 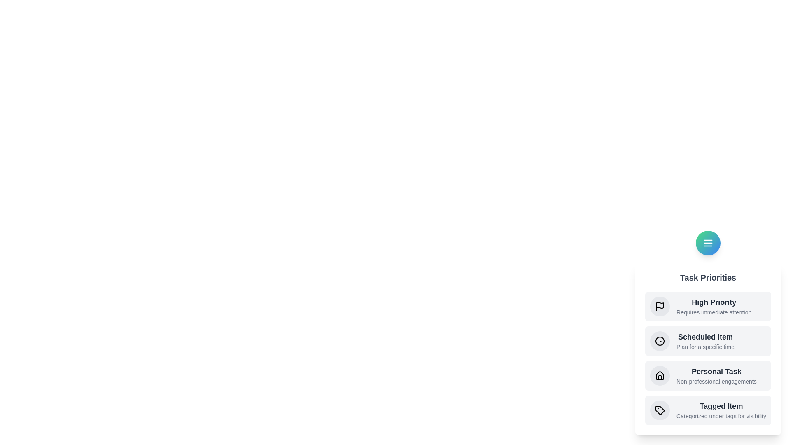 I want to click on the specified element: tagged_item, so click(x=660, y=410).